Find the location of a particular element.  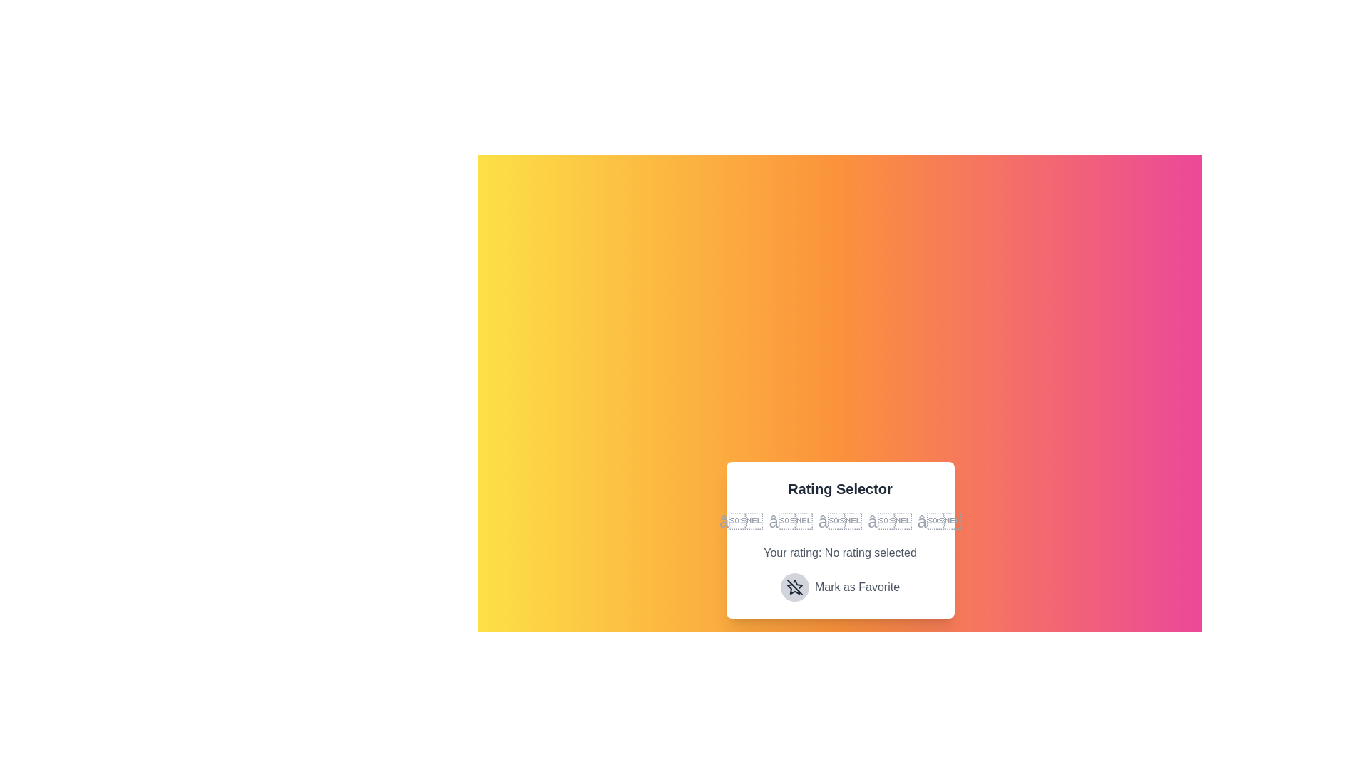

the 'Mark as Favorite' text label, which is positioned in the bottom portion of a card-like UI component, to the right of a circular star icon is located at coordinates (856, 587).